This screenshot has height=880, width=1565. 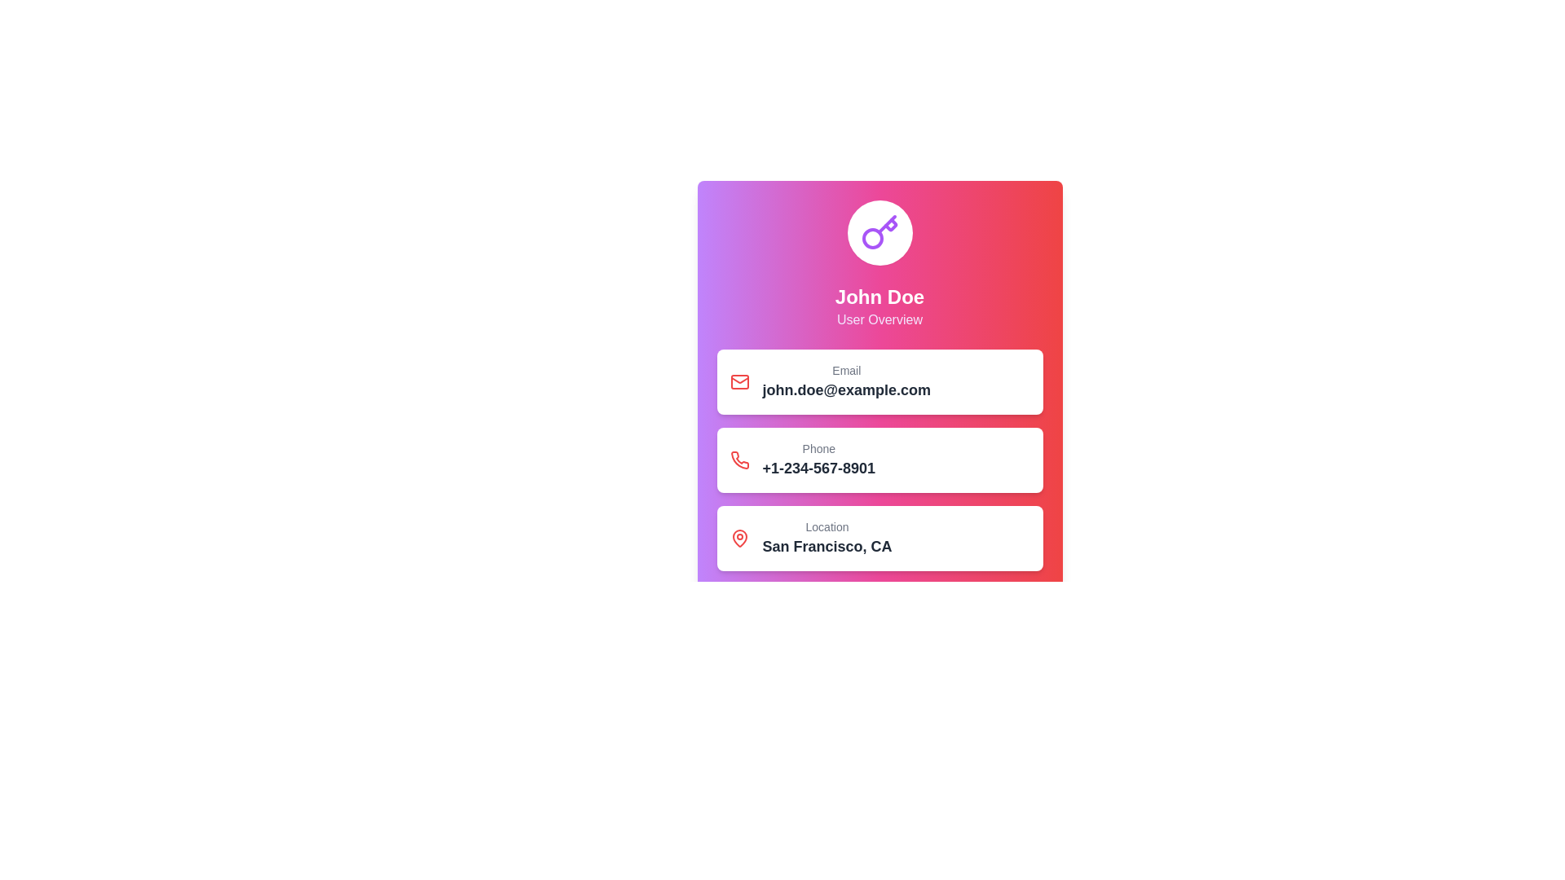 What do you see at coordinates (738, 382) in the screenshot?
I see `the red envelope icon, which is a rectangular SVG component with rounded corners located in the top information block of the card` at bounding box center [738, 382].